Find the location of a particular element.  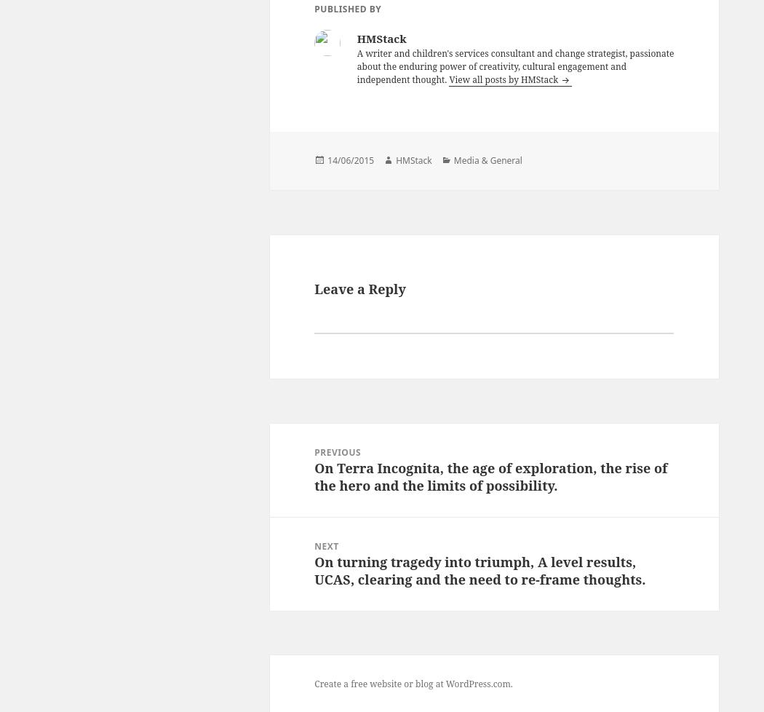

'On Terra Incognita, the age of exploration, the rise of the hero and the limits of possibility.' is located at coordinates (313, 475).